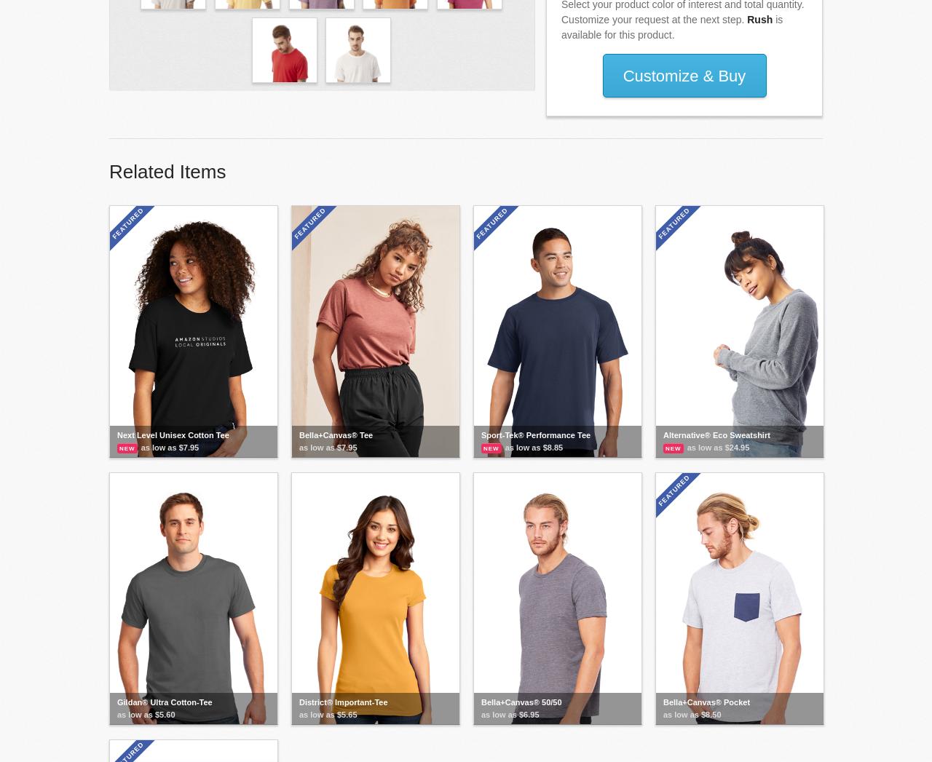 The width and height of the screenshot is (932, 762). What do you see at coordinates (717, 445) in the screenshot?
I see `'as low as $24.95'` at bounding box center [717, 445].